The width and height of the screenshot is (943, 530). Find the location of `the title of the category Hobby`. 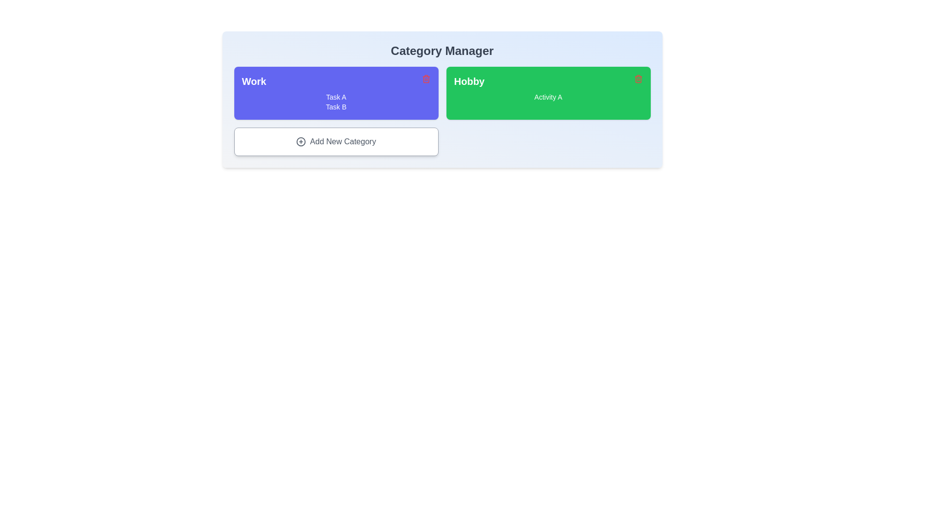

the title of the category Hobby is located at coordinates (548, 80).